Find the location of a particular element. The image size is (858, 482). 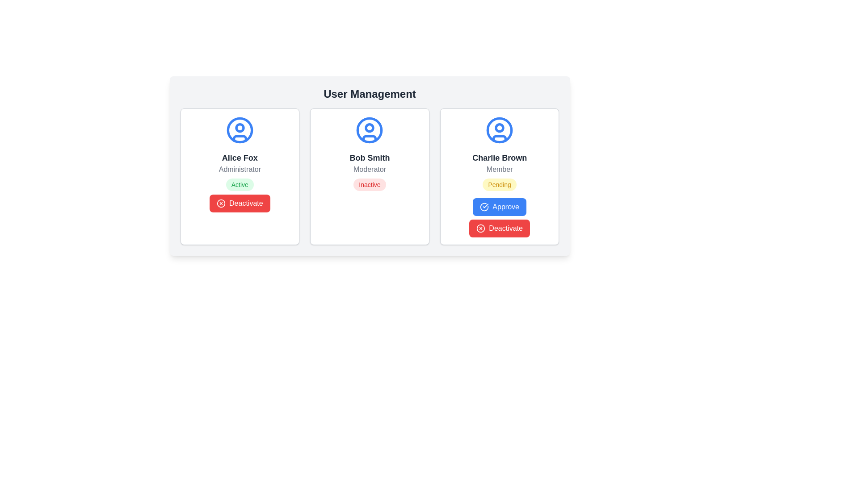

the 'Member' text label, which is styled in gray, located in the user profile card for 'Charlie Brown', positioned below his name and above the status badge 'Pending' is located at coordinates (499, 170).